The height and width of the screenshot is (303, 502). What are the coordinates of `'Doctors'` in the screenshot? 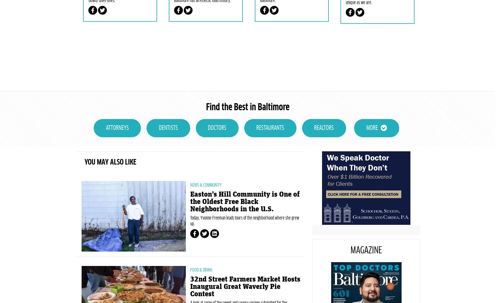 It's located at (217, 155).